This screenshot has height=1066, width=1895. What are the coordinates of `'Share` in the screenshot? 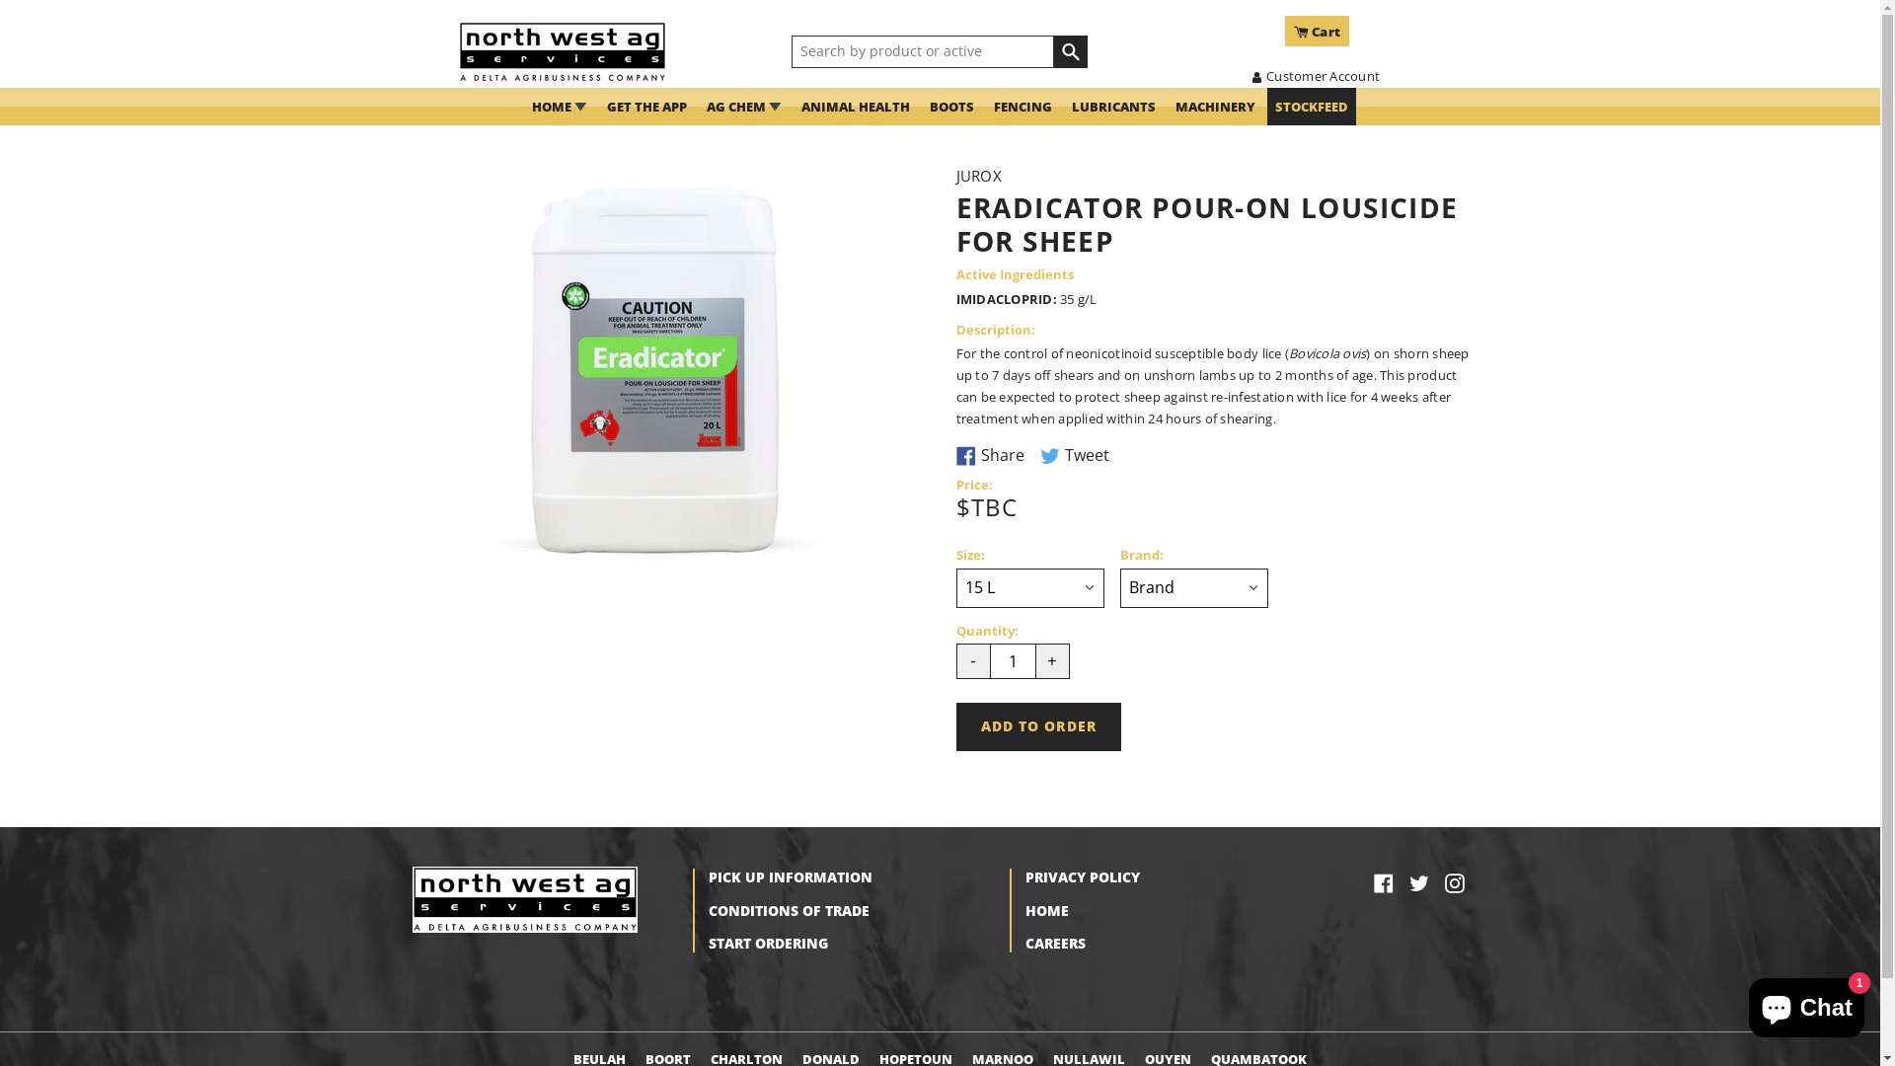 It's located at (991, 455).